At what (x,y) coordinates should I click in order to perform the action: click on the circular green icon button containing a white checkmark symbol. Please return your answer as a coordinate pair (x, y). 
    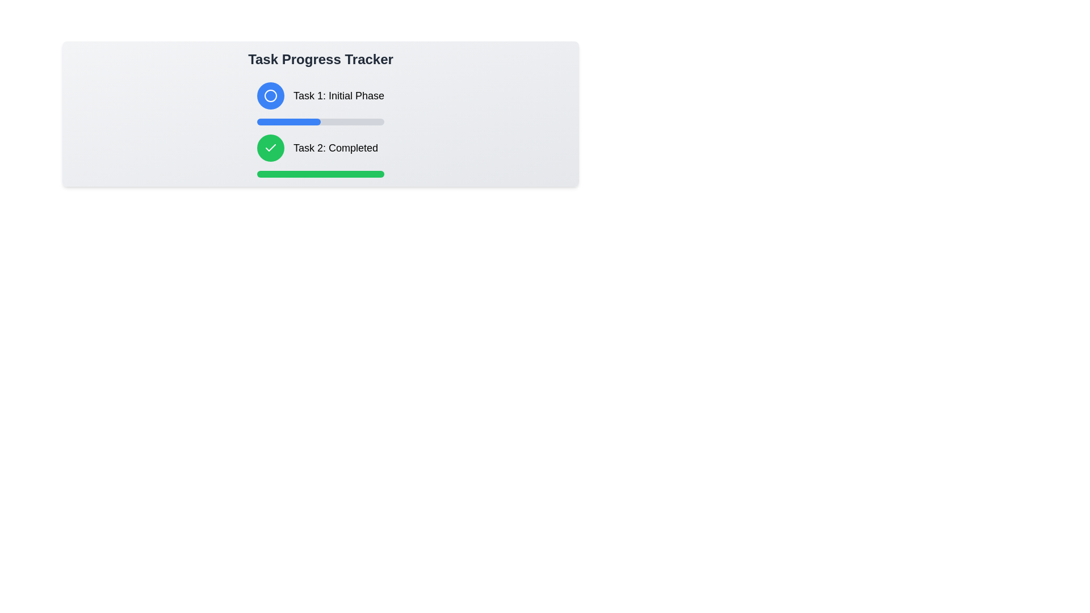
    Looking at the image, I should click on (270, 148).